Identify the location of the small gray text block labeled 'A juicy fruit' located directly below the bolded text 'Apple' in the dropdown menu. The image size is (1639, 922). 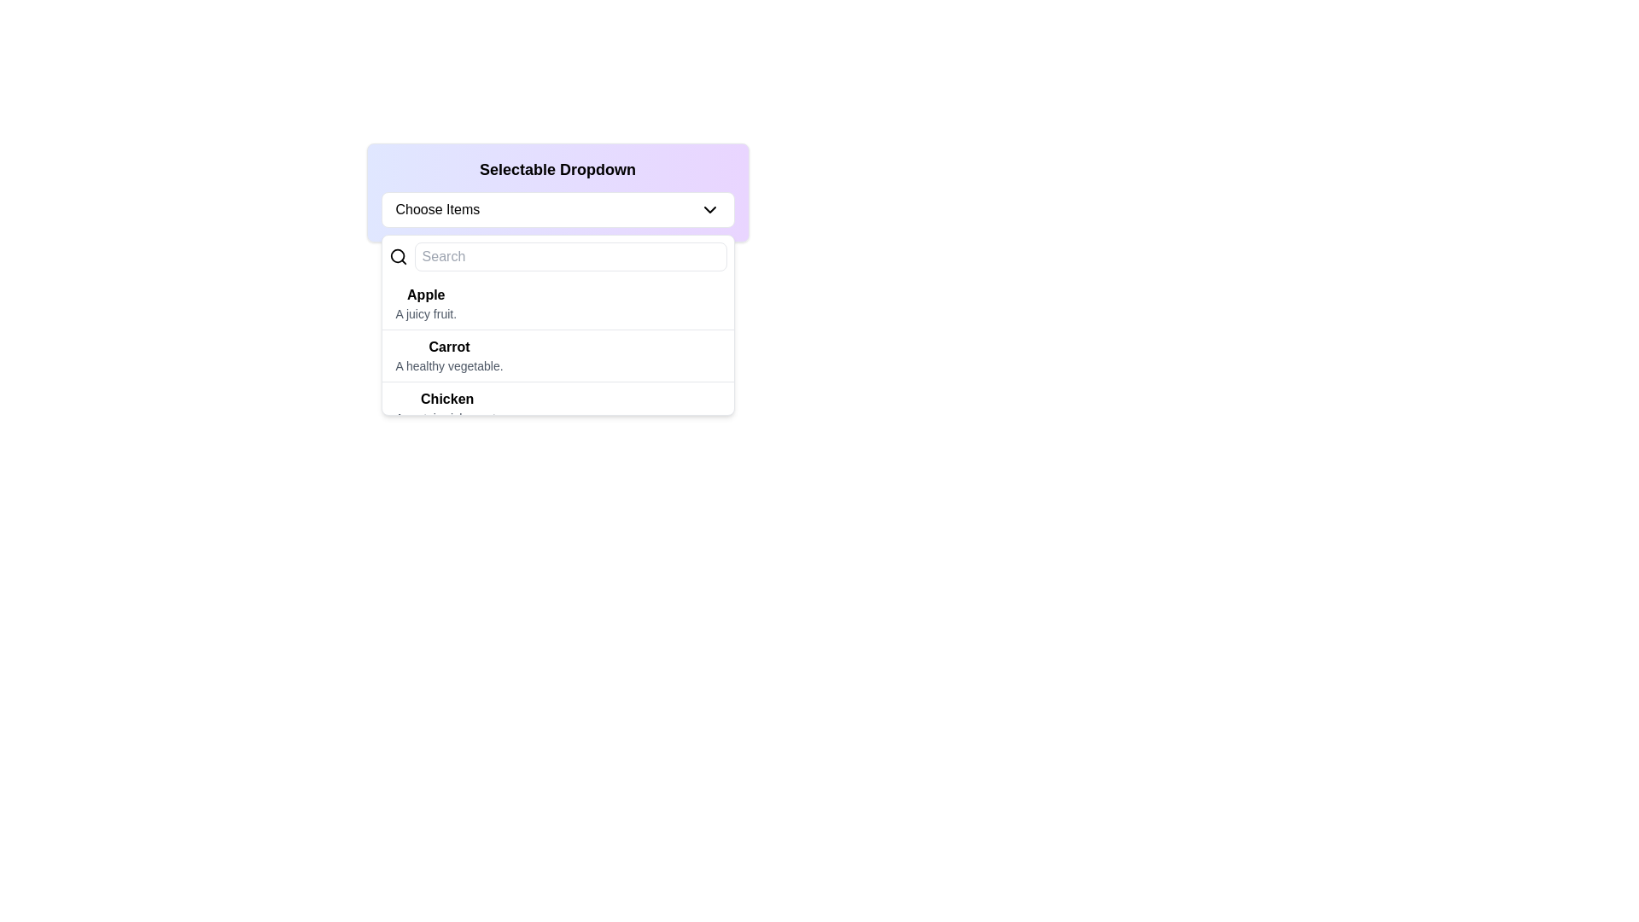
(426, 313).